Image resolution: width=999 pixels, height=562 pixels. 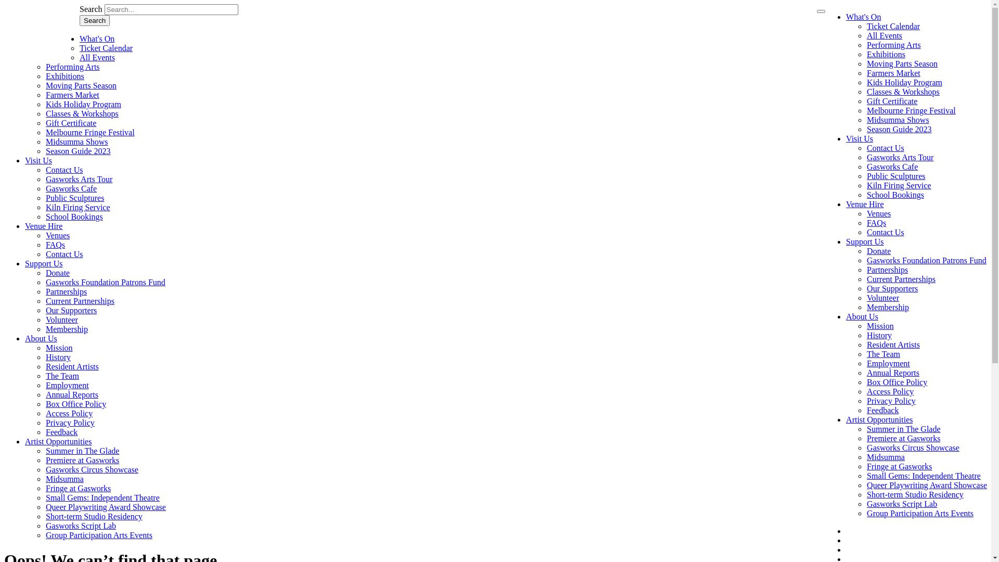 I want to click on 'Annual Reports', so click(x=45, y=394).